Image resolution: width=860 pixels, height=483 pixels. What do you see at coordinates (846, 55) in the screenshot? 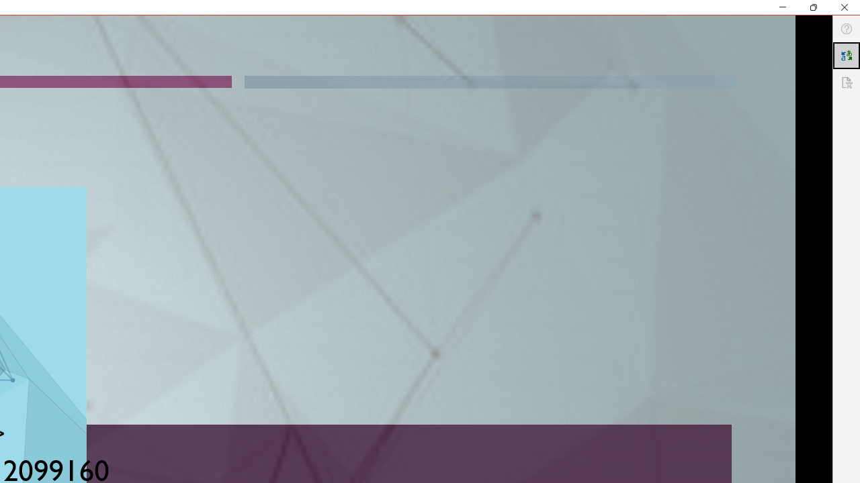
I see `'Translator'` at bounding box center [846, 55].